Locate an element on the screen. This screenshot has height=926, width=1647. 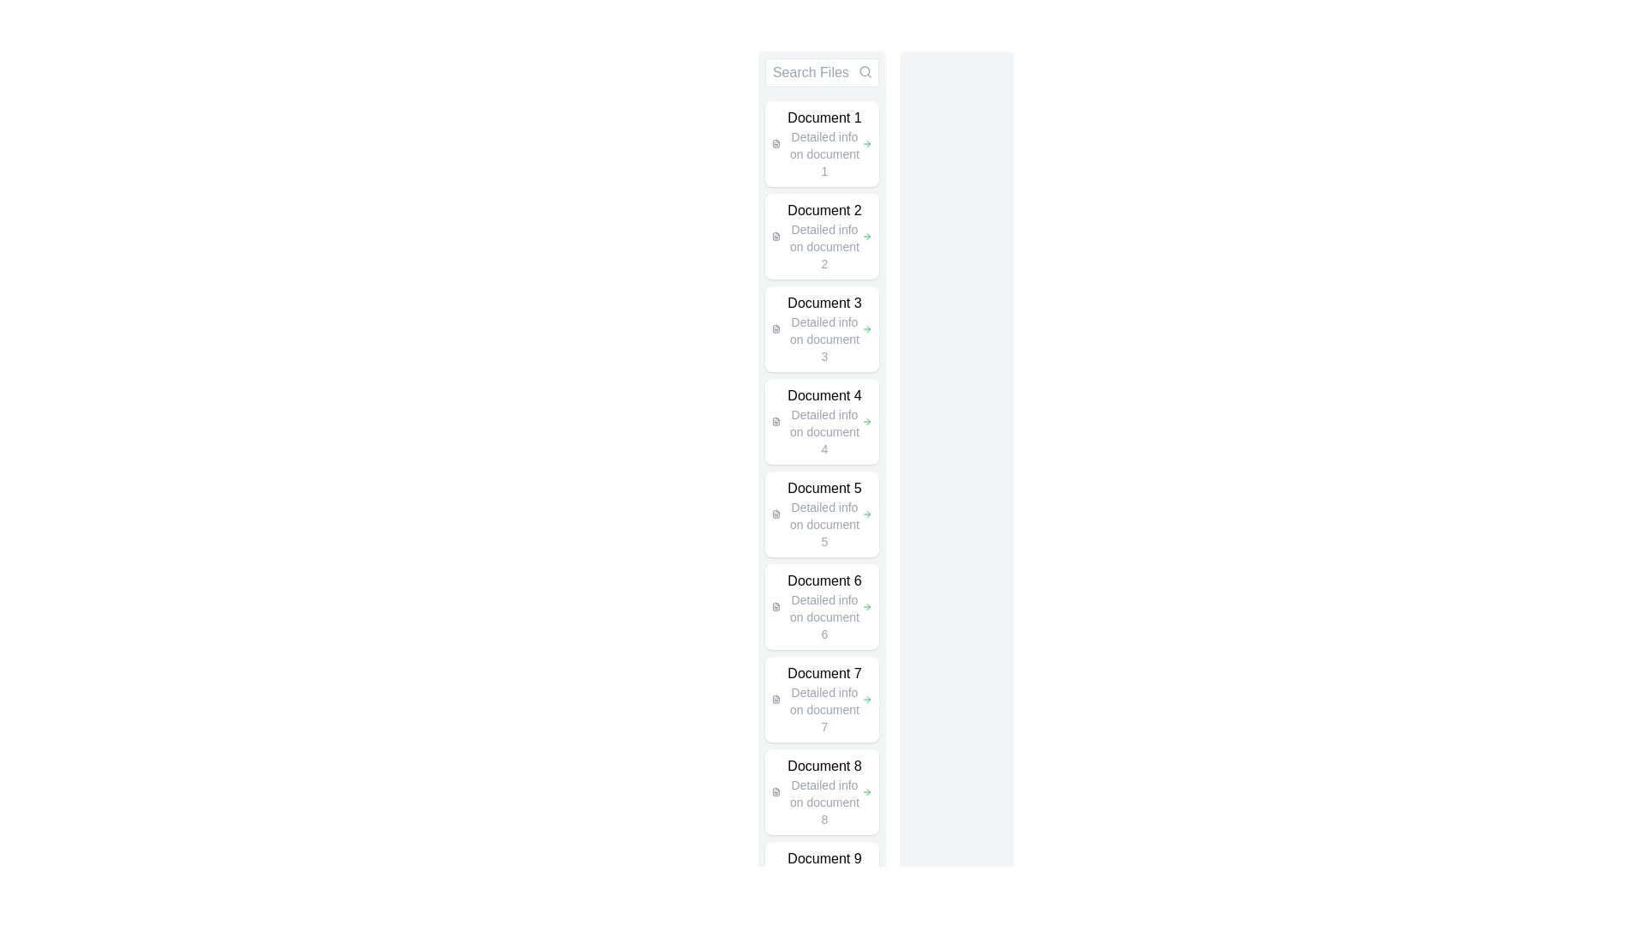
the document icon that resembles a document with text lines inside, located in the third item of the document list next to 'Document 3' is located at coordinates (775, 329).